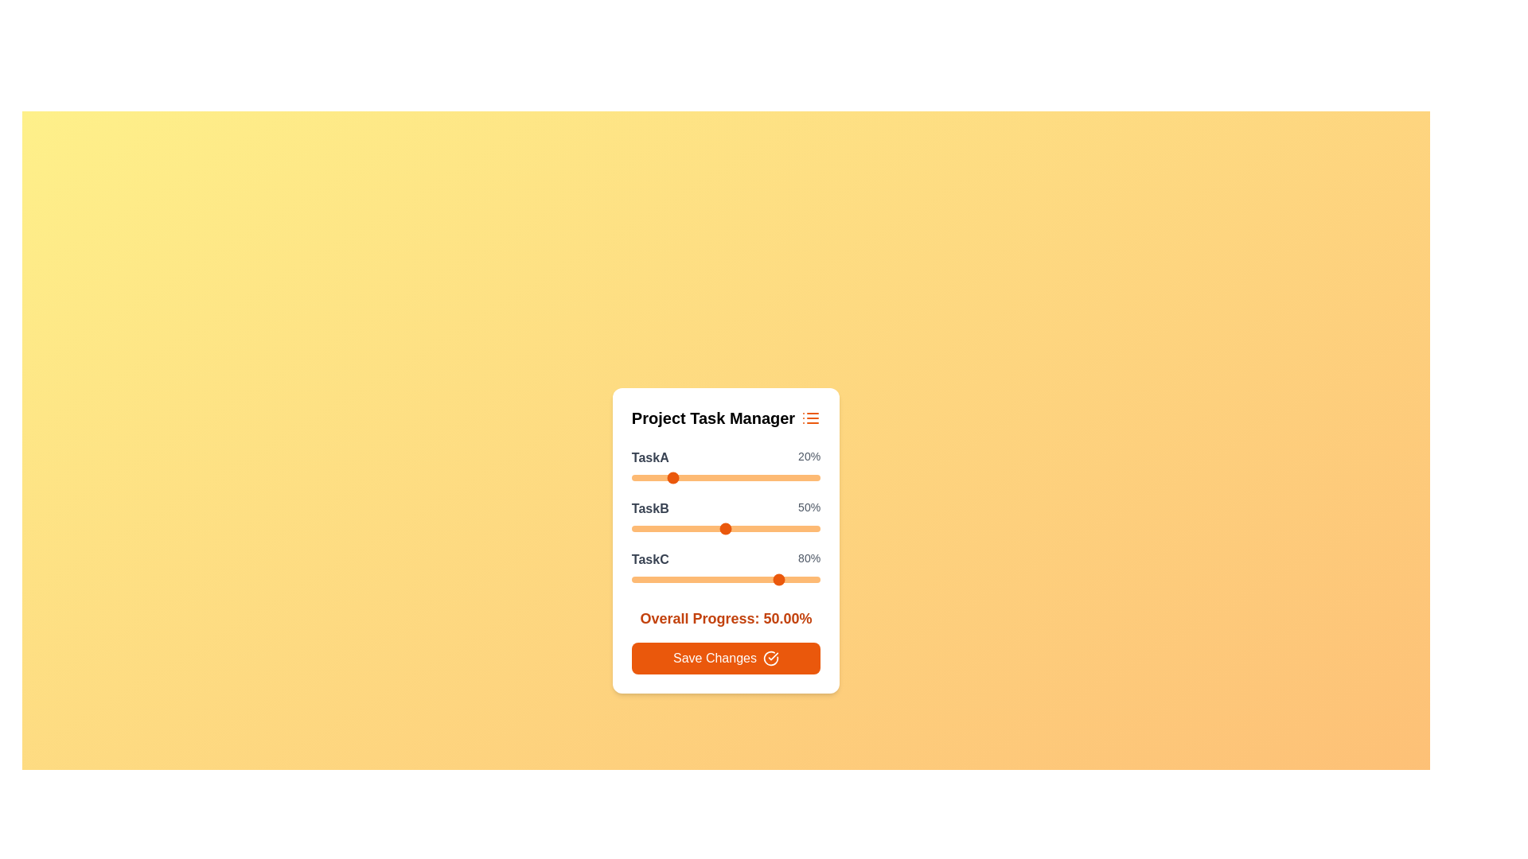 This screenshot has width=1528, height=859. Describe the element at coordinates (781, 477) in the screenshot. I see `the TaskA slider to 79%` at that location.